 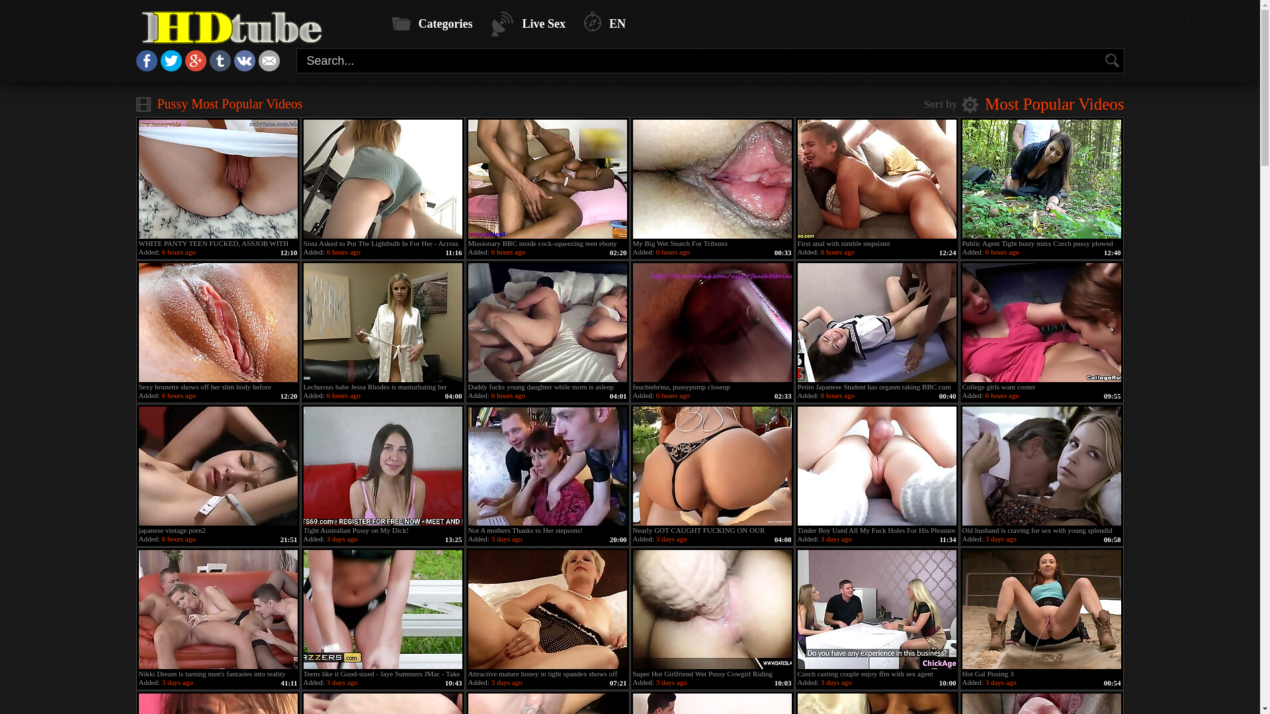 What do you see at coordinates (268, 67) in the screenshot?
I see `'Email'` at bounding box center [268, 67].